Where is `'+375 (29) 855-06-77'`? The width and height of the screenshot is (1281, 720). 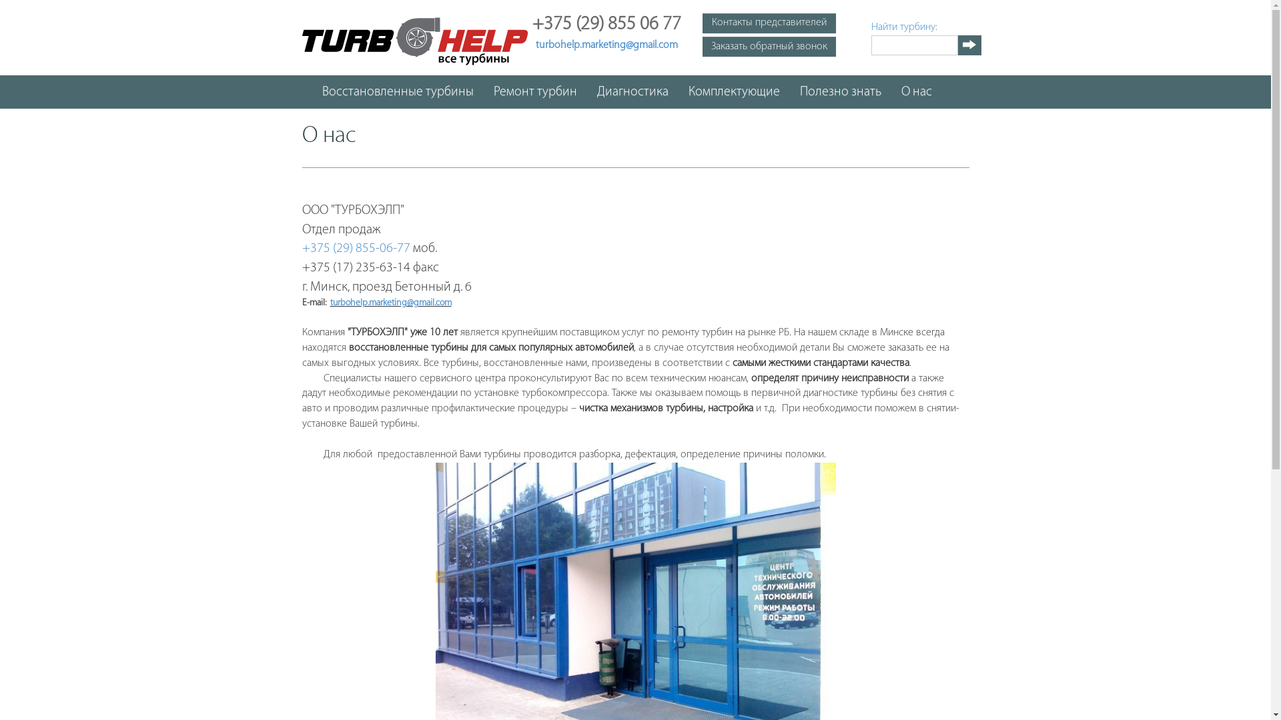 '+375 (29) 855-06-77' is located at coordinates (355, 249).